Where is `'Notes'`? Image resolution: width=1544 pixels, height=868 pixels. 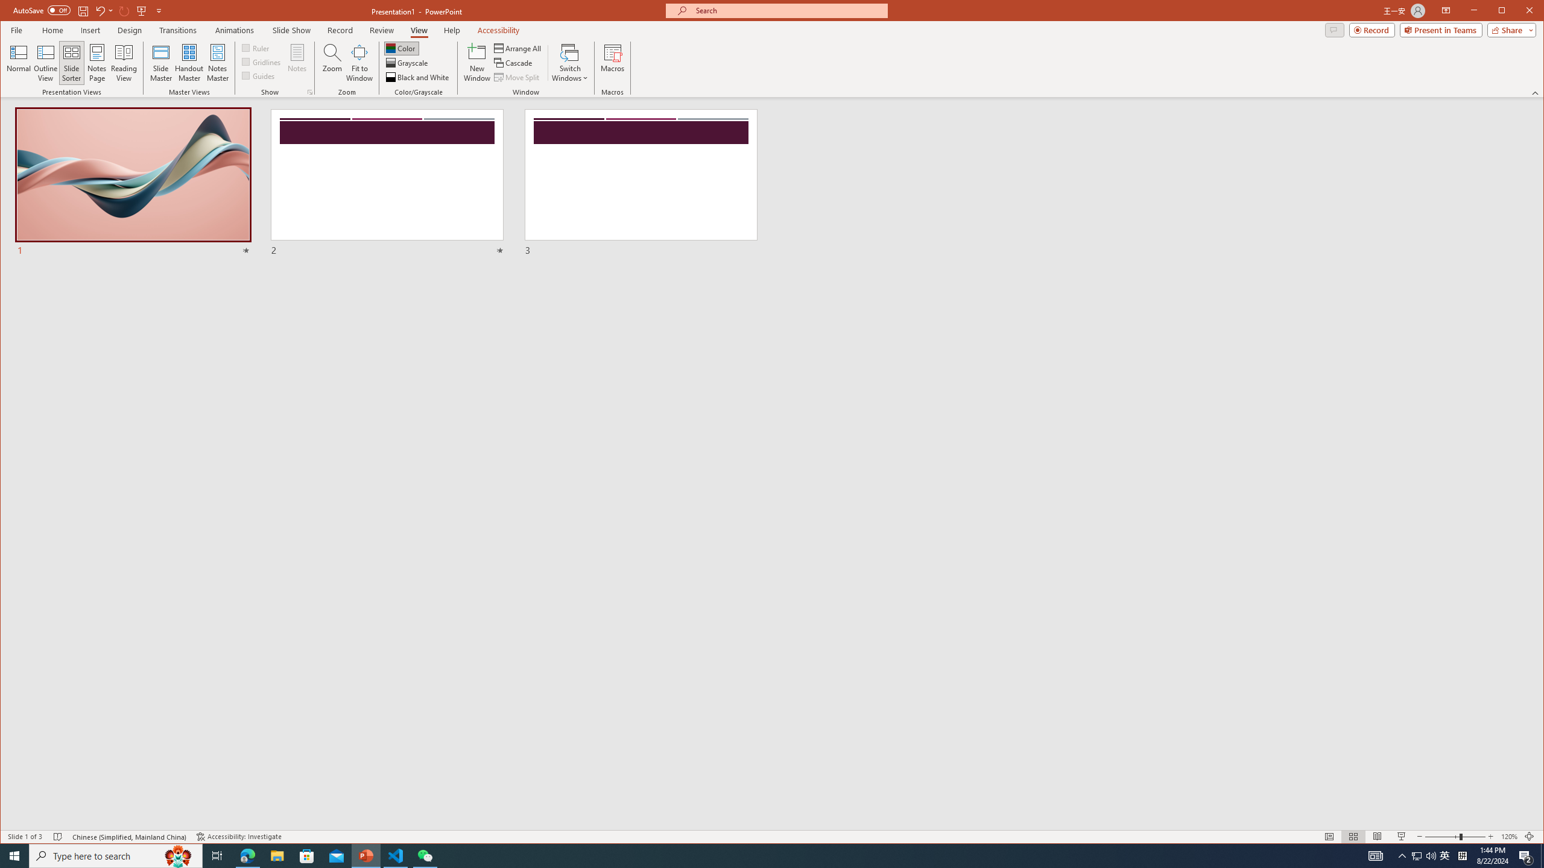 'Notes' is located at coordinates (297, 62).